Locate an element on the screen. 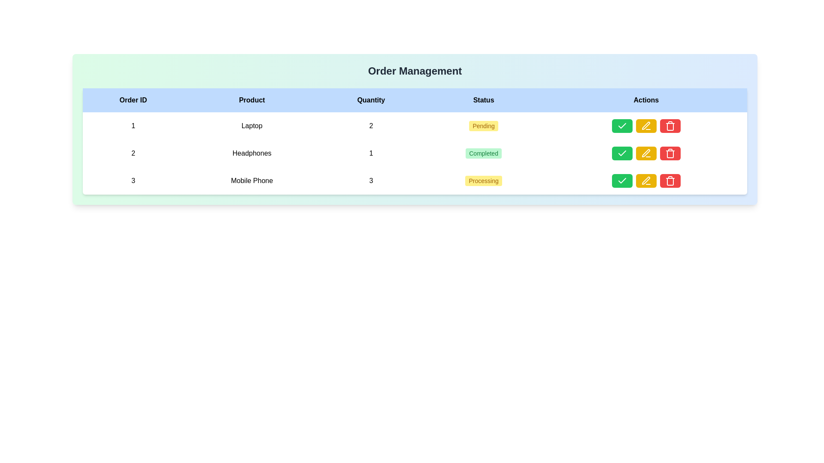 This screenshot has width=824, height=463. the confirmation icon button in the 'Actions' column associated with the 'Headphones' row is located at coordinates (622, 153).